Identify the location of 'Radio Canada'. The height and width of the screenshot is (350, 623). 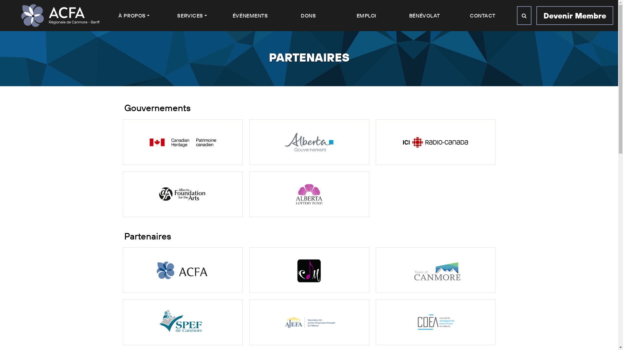
(435, 141).